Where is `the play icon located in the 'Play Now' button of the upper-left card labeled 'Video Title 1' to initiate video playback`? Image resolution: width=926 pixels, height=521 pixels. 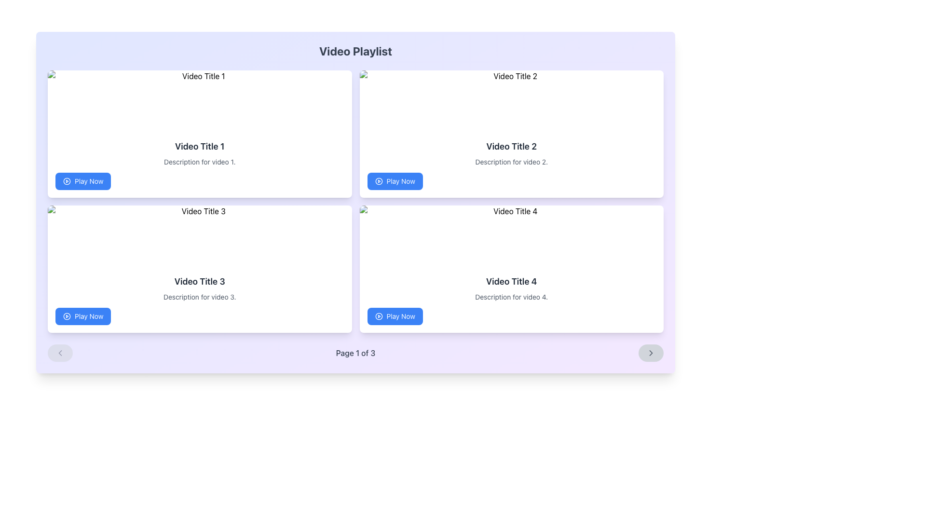 the play icon located in the 'Play Now' button of the upper-left card labeled 'Video Title 1' to initiate video playback is located at coordinates (67, 181).